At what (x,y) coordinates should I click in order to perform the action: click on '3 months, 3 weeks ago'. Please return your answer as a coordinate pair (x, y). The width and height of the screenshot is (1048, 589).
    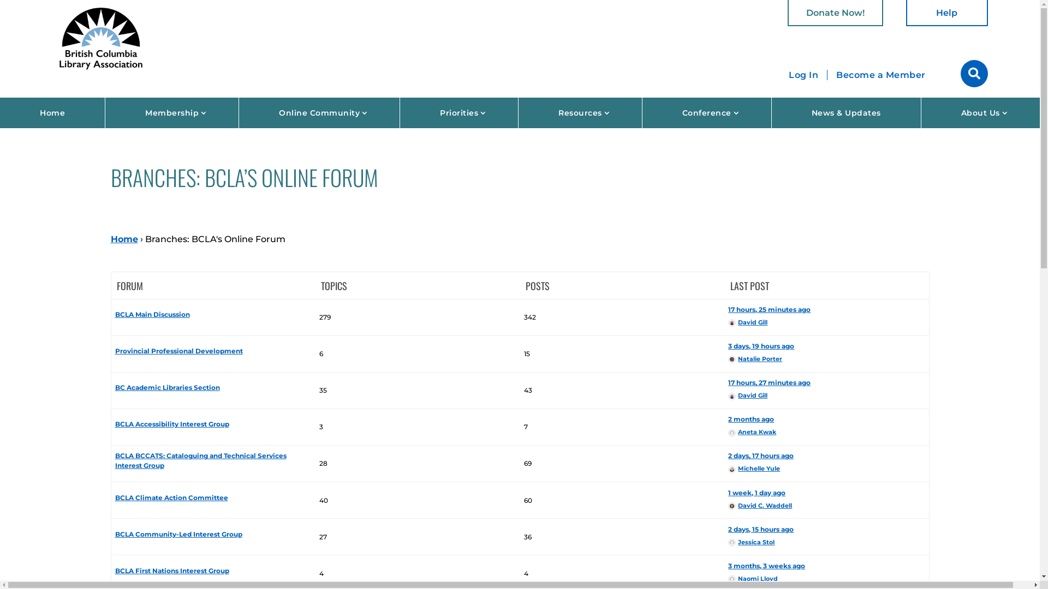
    Looking at the image, I should click on (766, 565).